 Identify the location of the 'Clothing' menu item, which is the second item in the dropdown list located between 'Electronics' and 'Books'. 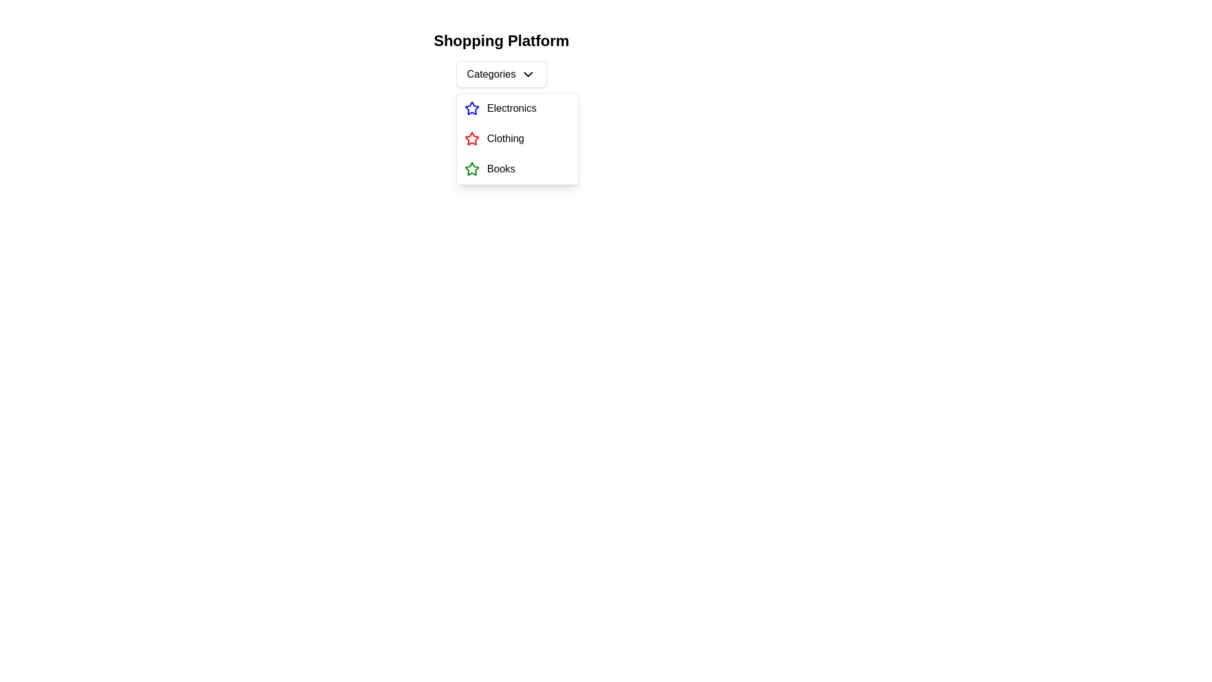
(517, 138).